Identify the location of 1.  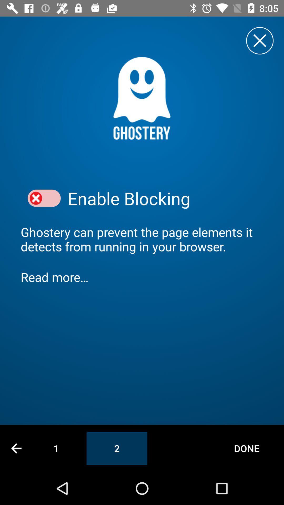
(56, 448).